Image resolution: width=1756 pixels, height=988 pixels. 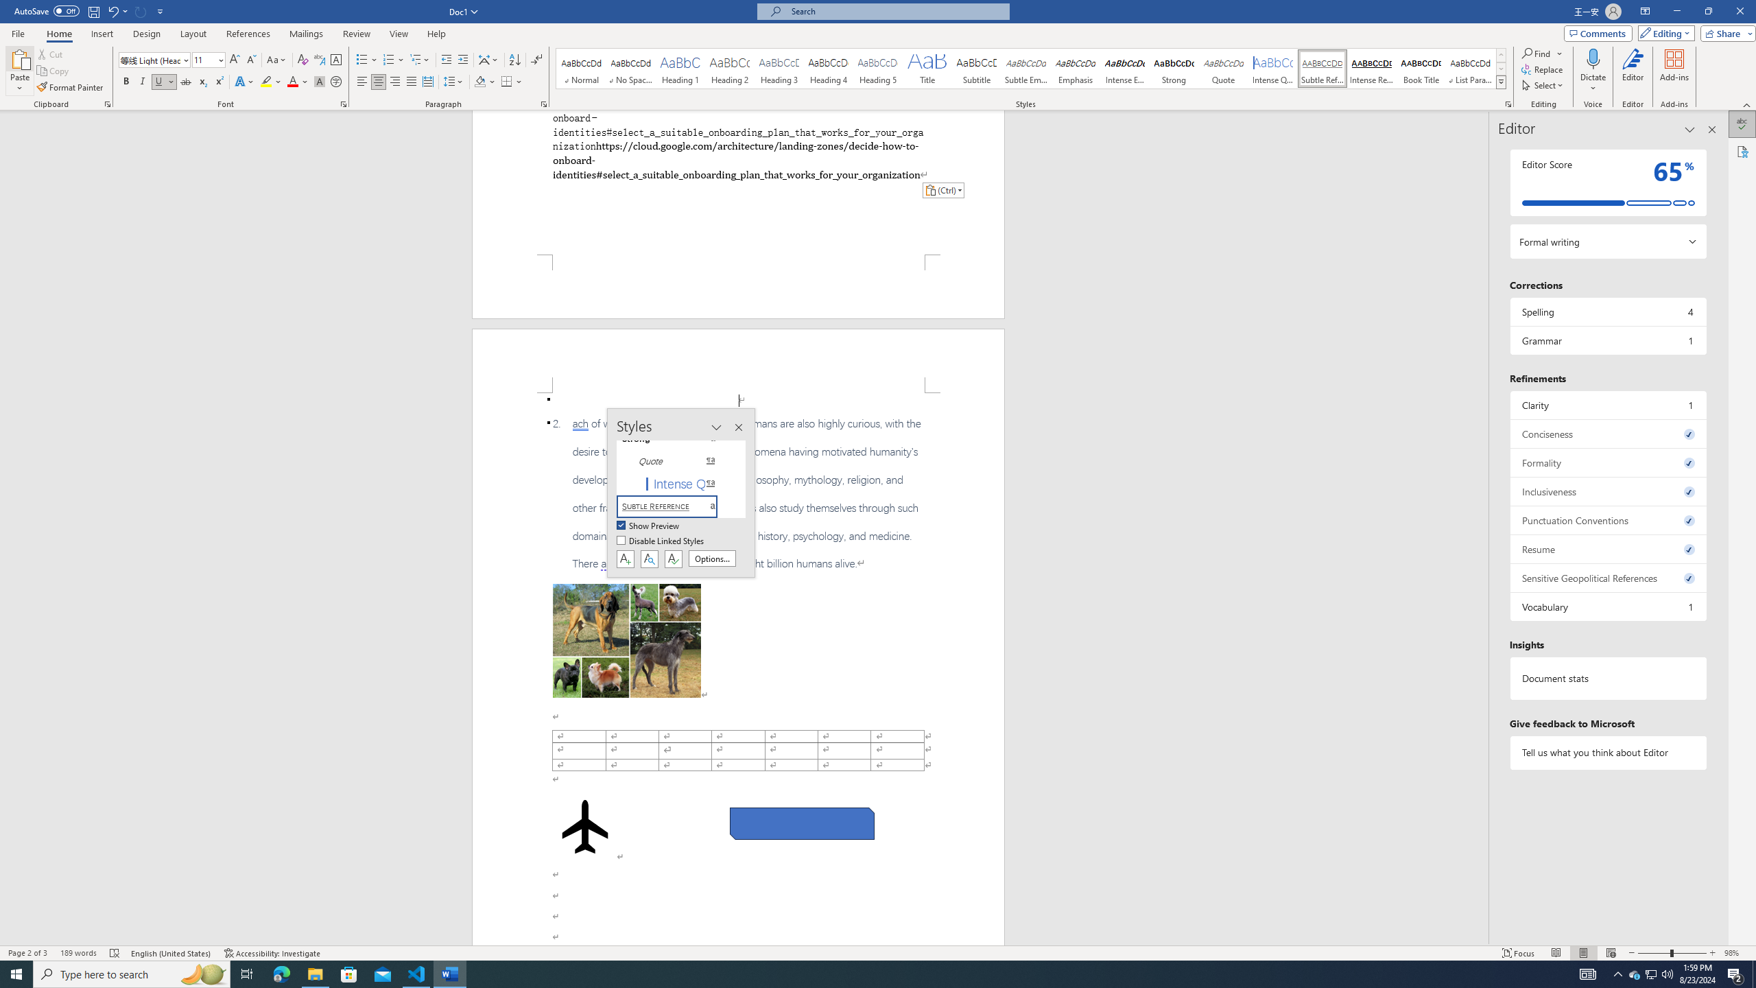 I want to click on 'Page 2 content', so click(x=738, y=668).